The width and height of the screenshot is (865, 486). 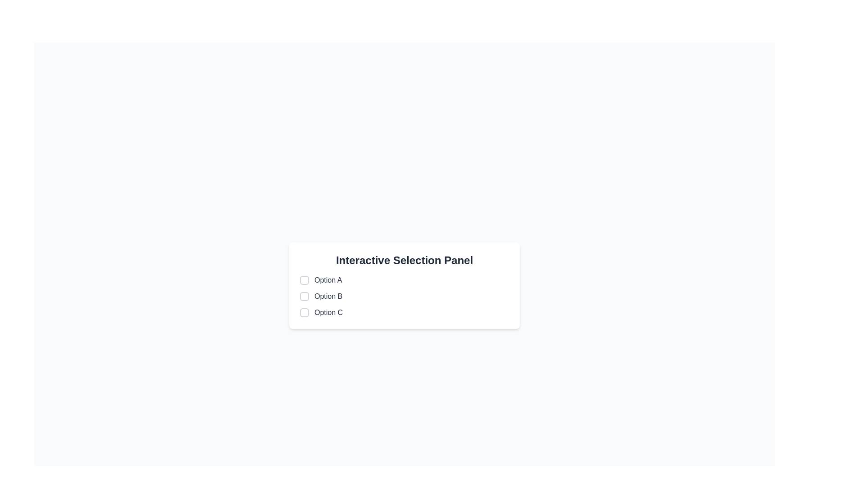 I want to click on text from the label that describes the first option in the Interactive Selection Panel, positioned above Option B and Option C, so click(x=328, y=280).